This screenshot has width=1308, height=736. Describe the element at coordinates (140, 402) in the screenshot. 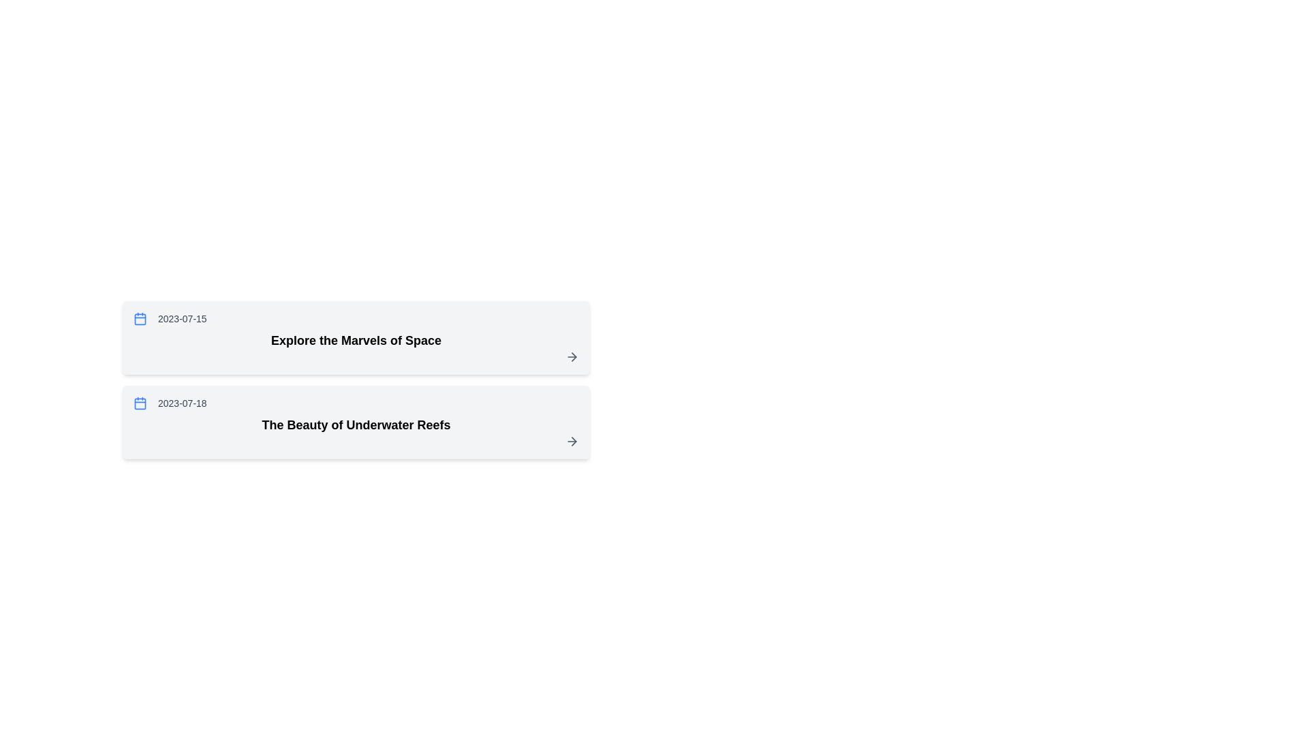

I see `the calendar icon with a blue outline, positioned to the left of the date text '2023-07-18'` at that location.